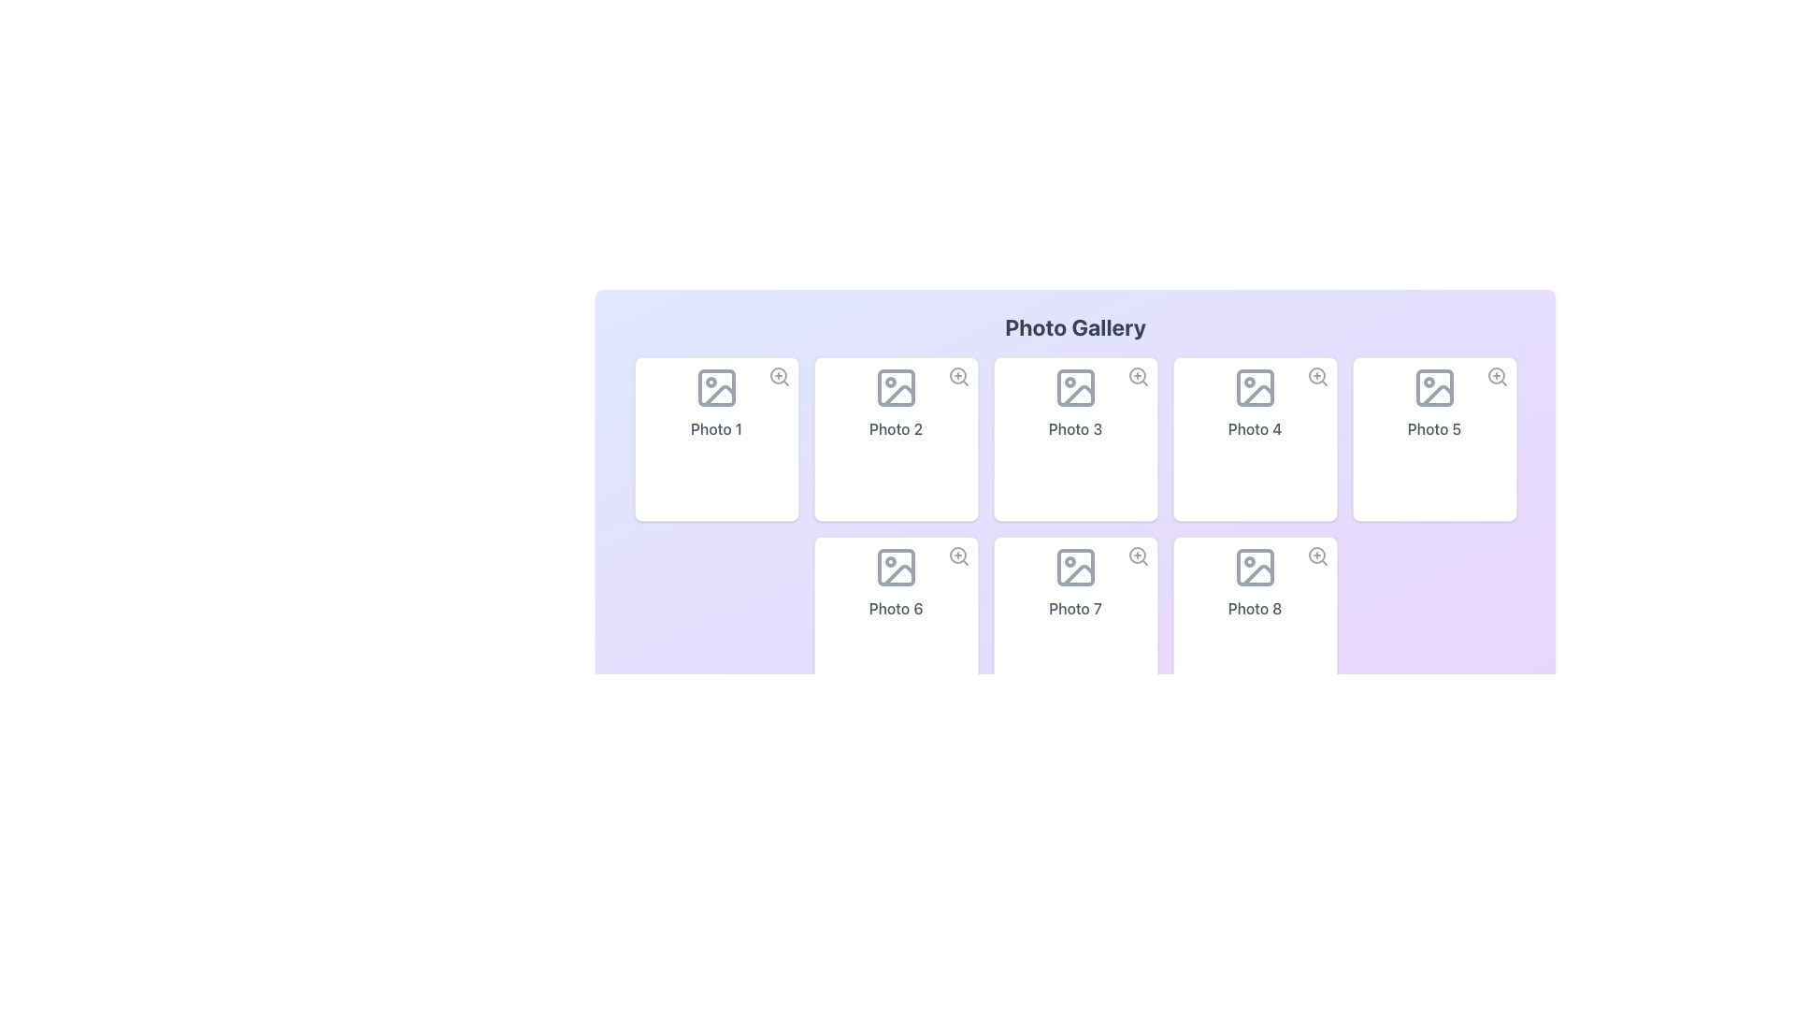 Image resolution: width=1795 pixels, height=1010 pixels. Describe the element at coordinates (1075, 387) in the screenshot. I see `the image placeholder icon located at the center of the upper section of the 'Photo 3' card in the photo gallery` at that location.